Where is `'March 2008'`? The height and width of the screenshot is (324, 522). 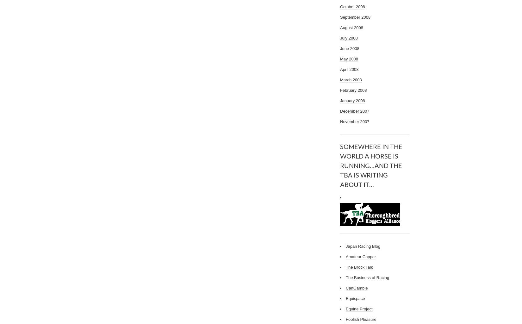
'March 2008' is located at coordinates (340, 79).